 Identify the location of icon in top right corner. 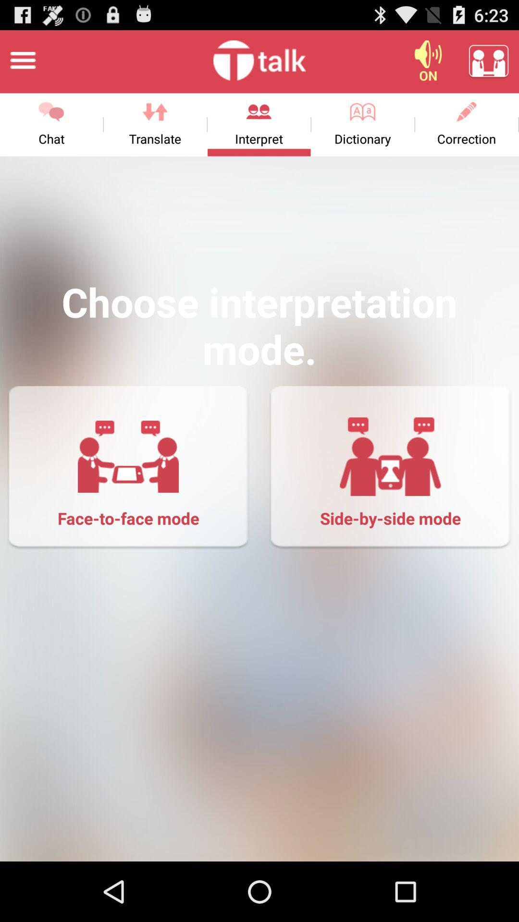
(489, 60).